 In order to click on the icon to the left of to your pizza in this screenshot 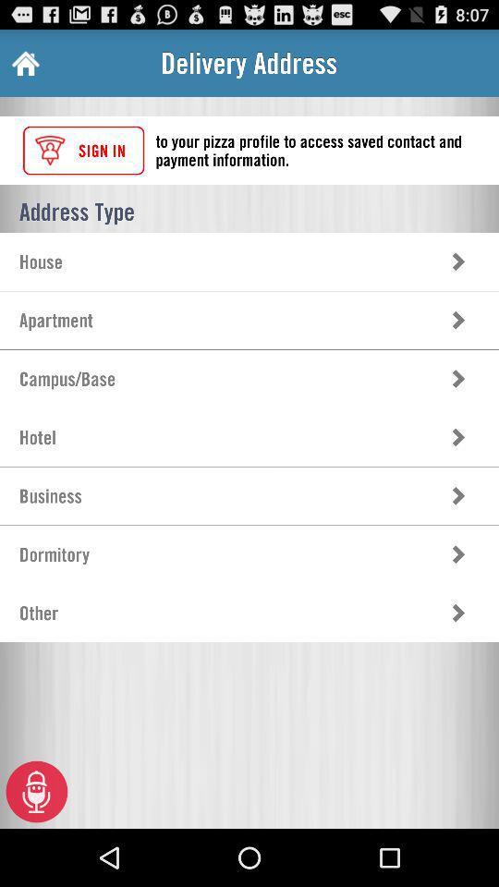, I will do `click(82, 150)`.